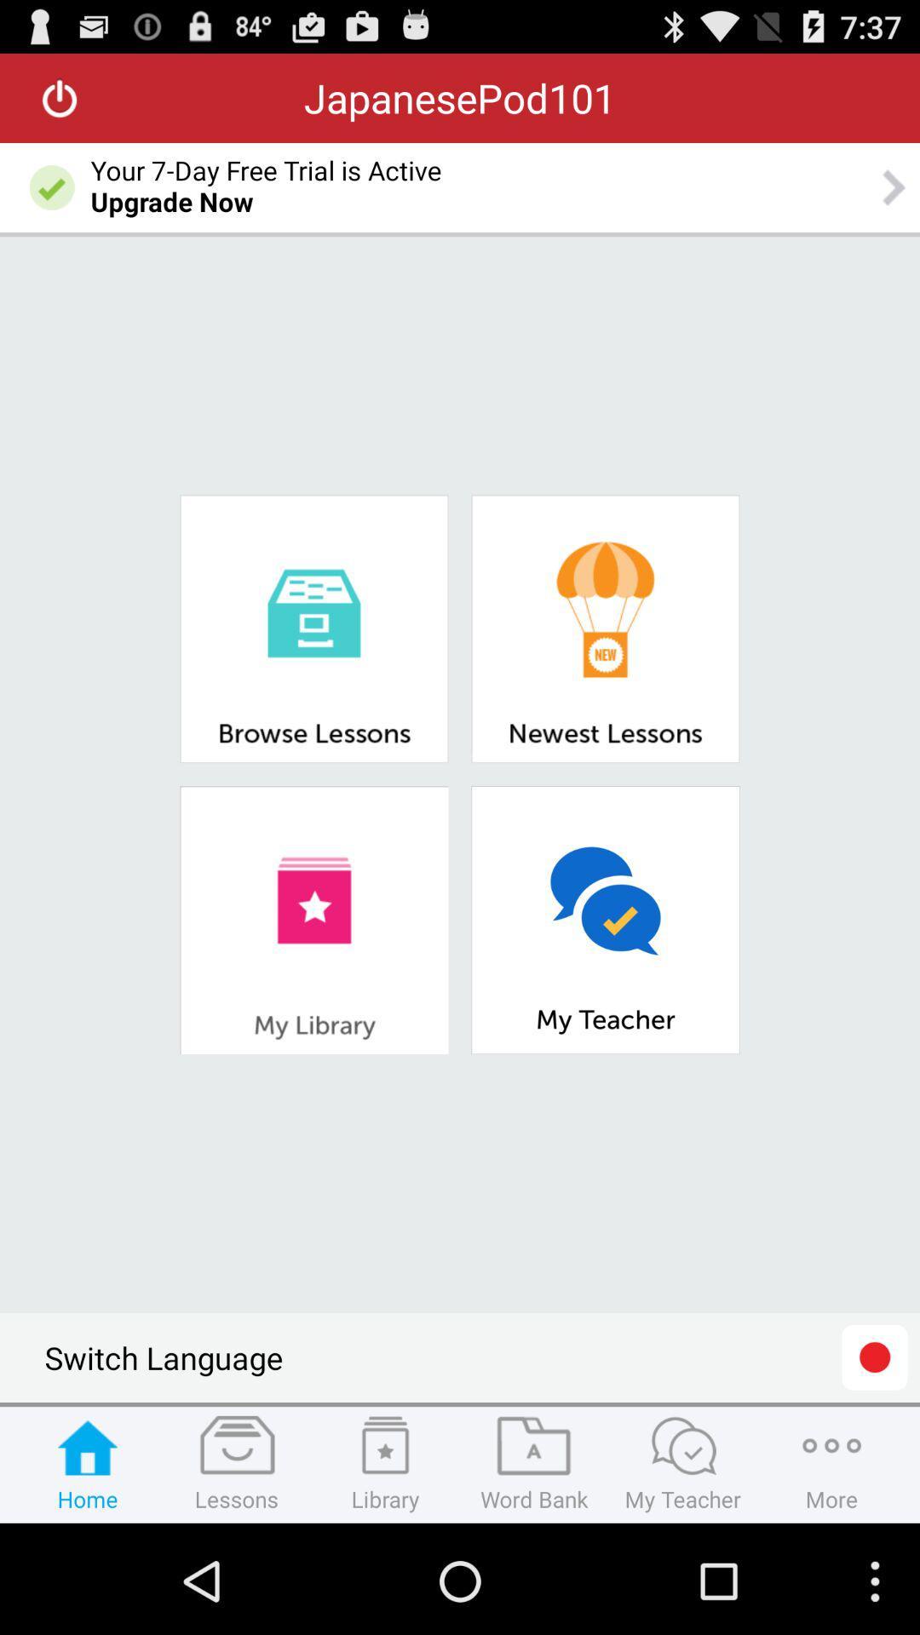 The width and height of the screenshot is (920, 1635). Describe the element at coordinates (59, 97) in the screenshot. I see `app next to japanesepod101` at that location.